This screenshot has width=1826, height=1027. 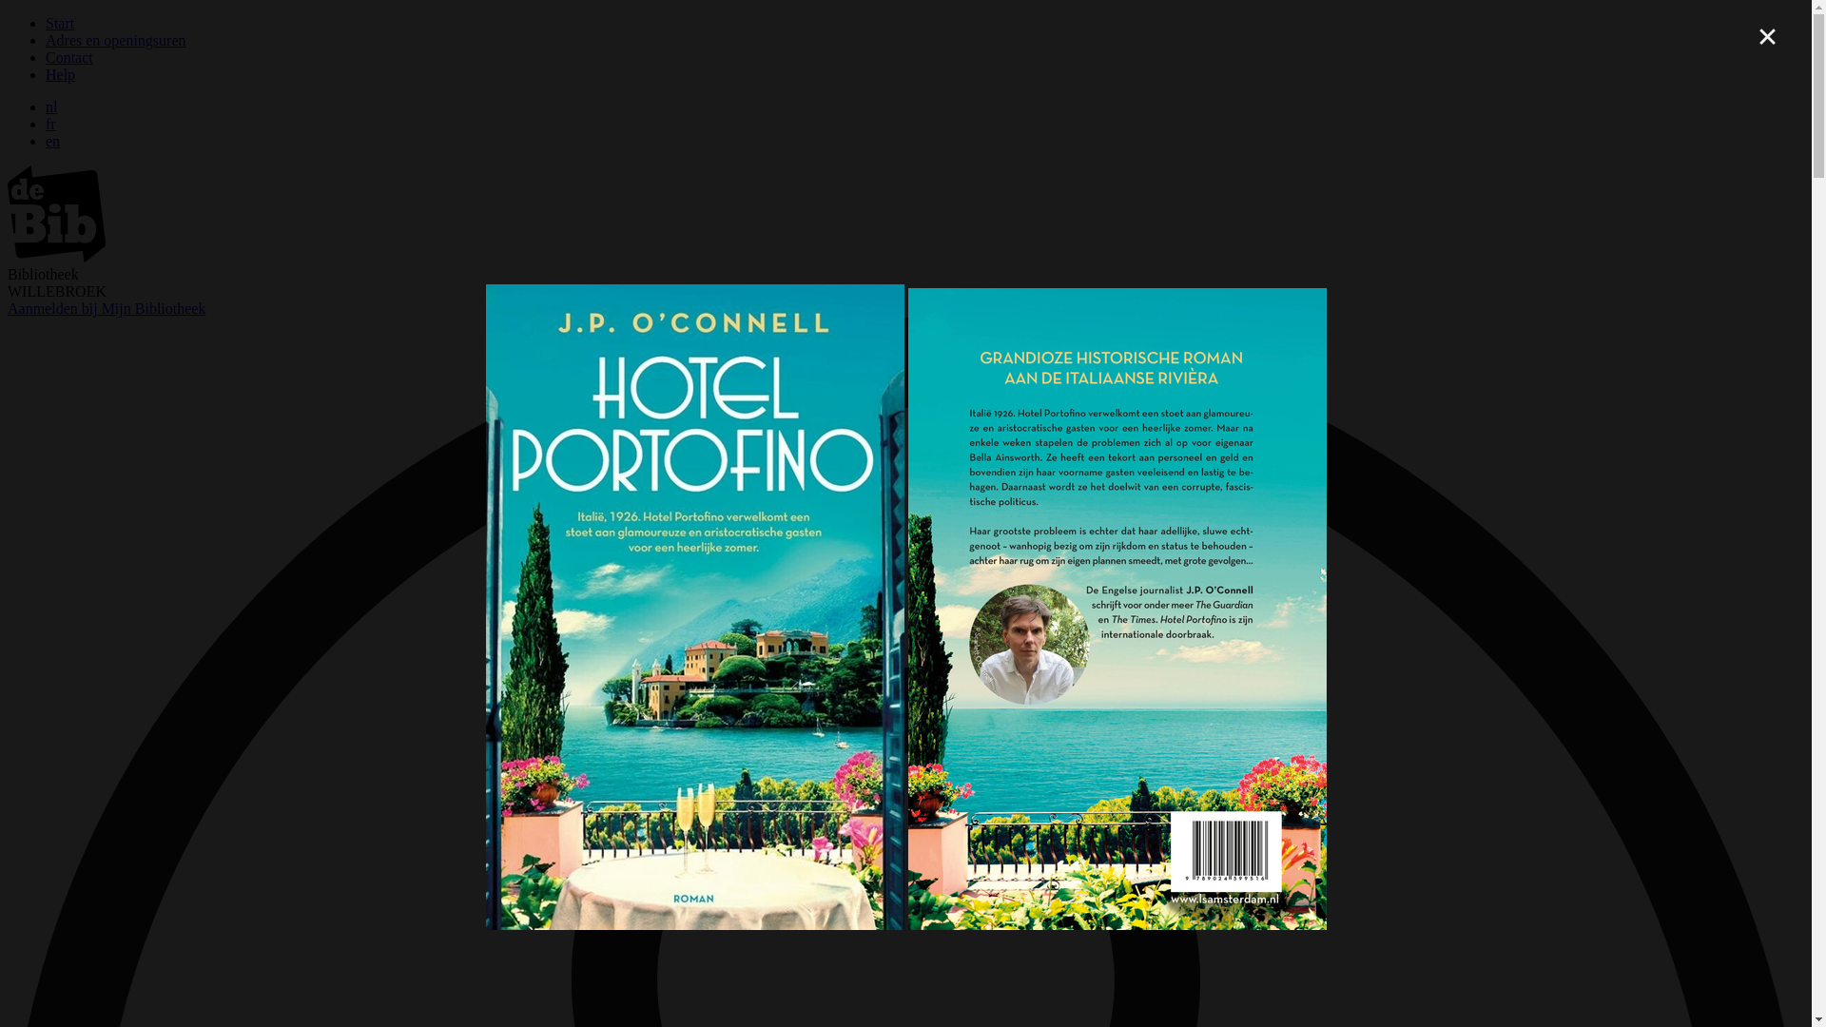 I want to click on 'image/svg+xml', so click(x=56, y=257).